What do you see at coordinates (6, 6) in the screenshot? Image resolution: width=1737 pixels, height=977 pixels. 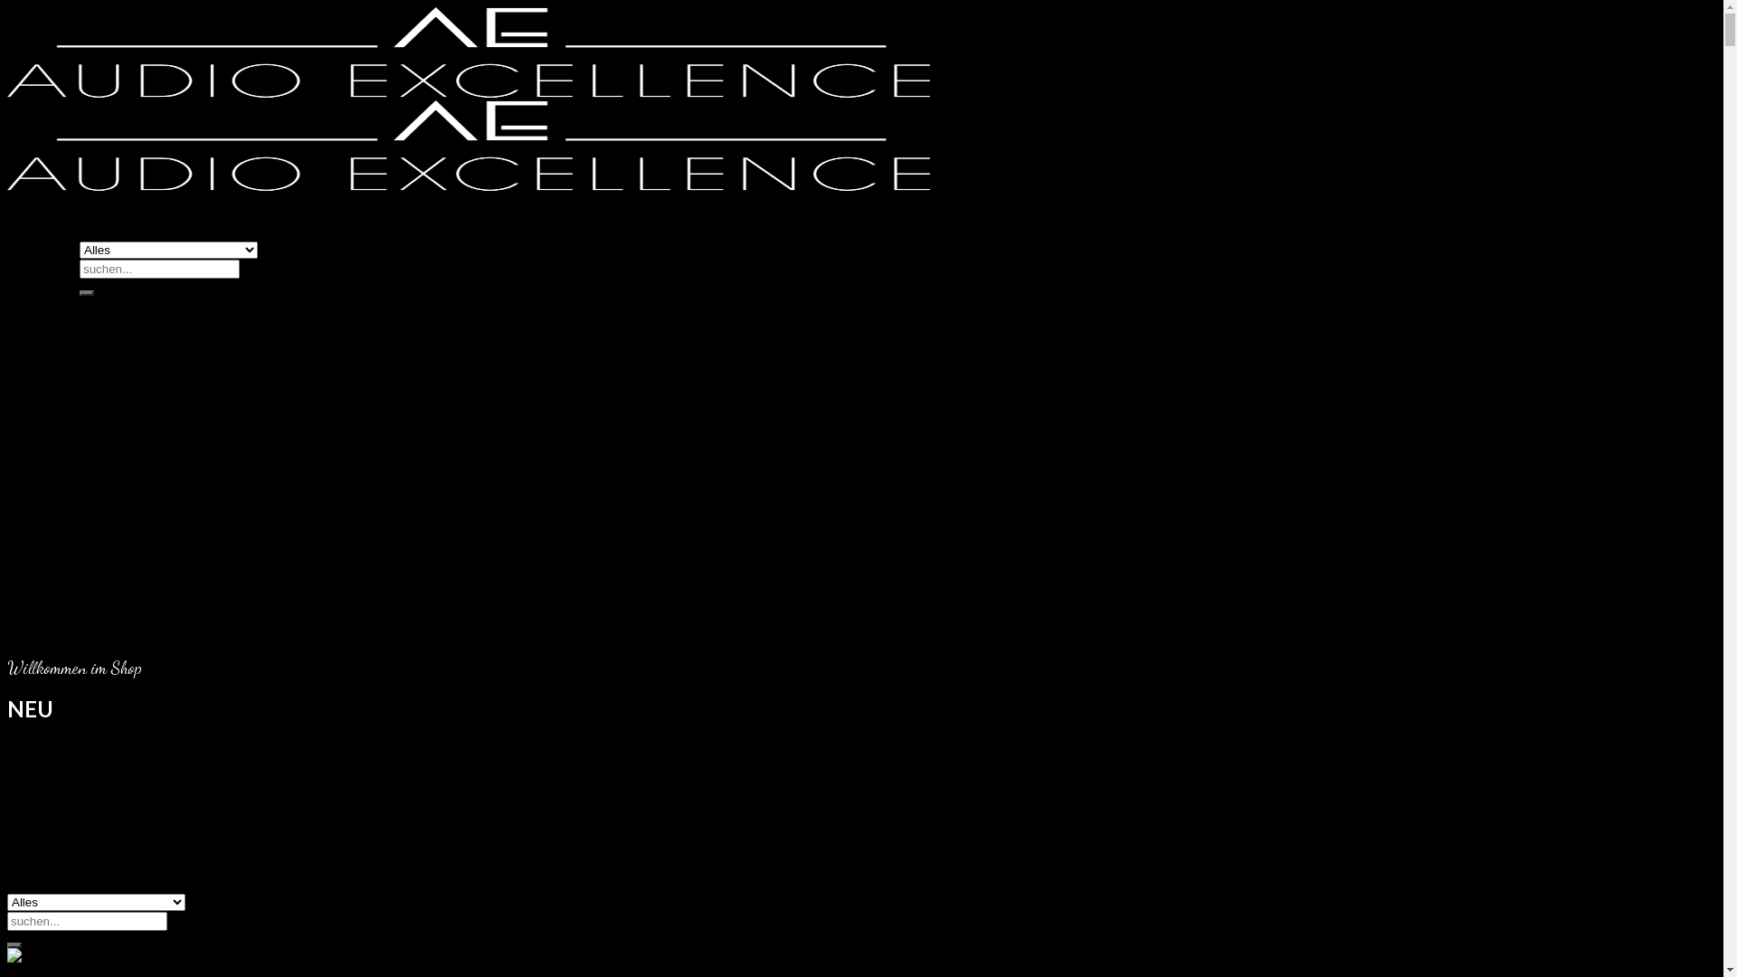 I see `'Zum Inhalt springen'` at bounding box center [6, 6].